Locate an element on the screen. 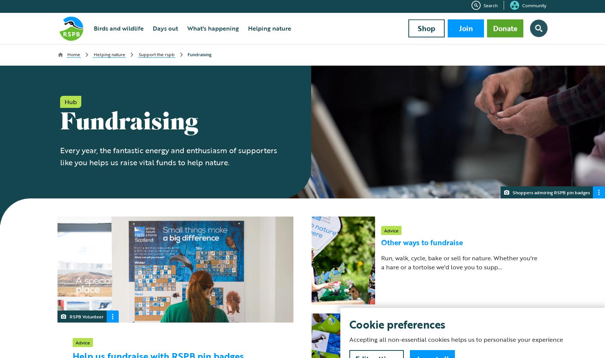  'Hub' is located at coordinates (70, 101).